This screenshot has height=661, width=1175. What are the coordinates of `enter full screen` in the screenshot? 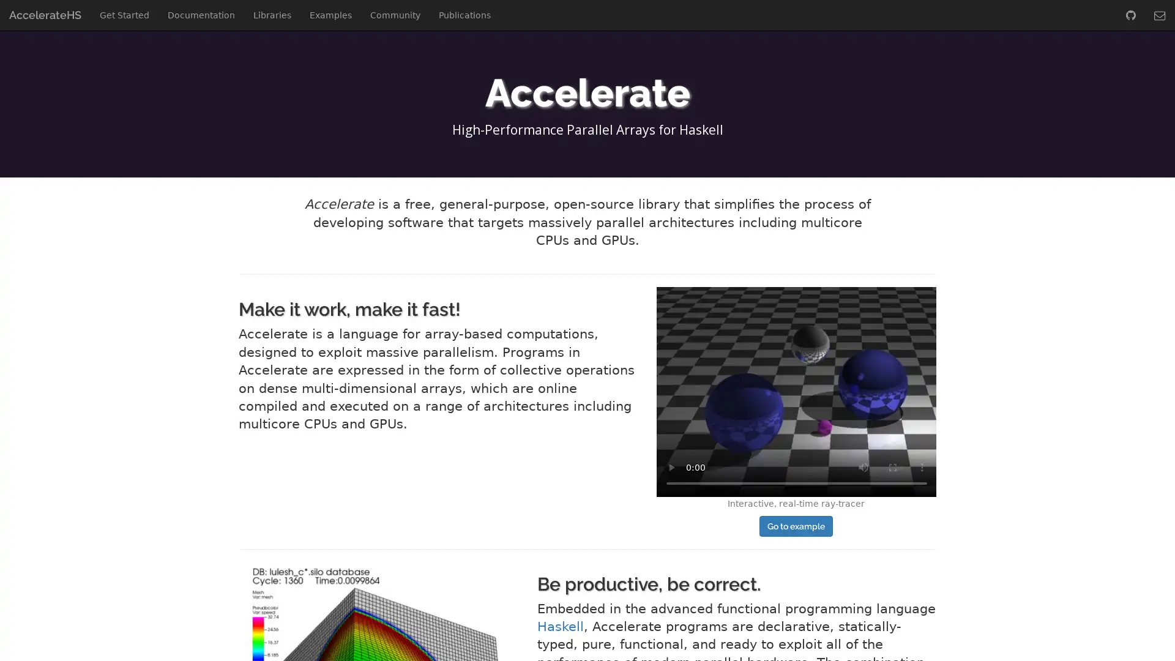 It's located at (892, 467).